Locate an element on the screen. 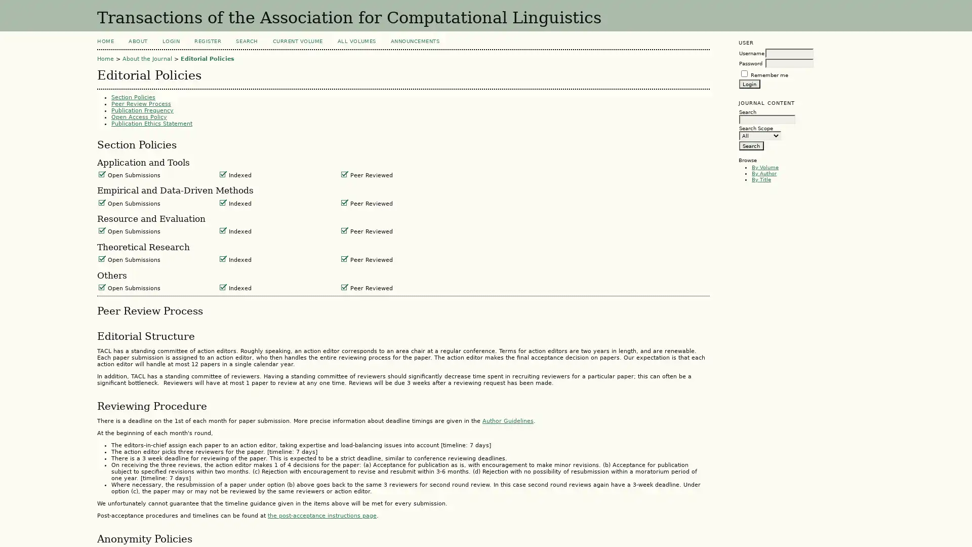 The width and height of the screenshot is (972, 547). Login is located at coordinates (749, 83).